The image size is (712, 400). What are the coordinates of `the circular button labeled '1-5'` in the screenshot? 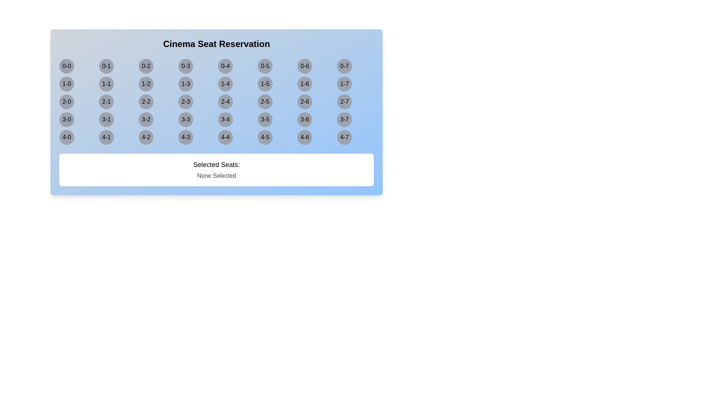 It's located at (265, 84).